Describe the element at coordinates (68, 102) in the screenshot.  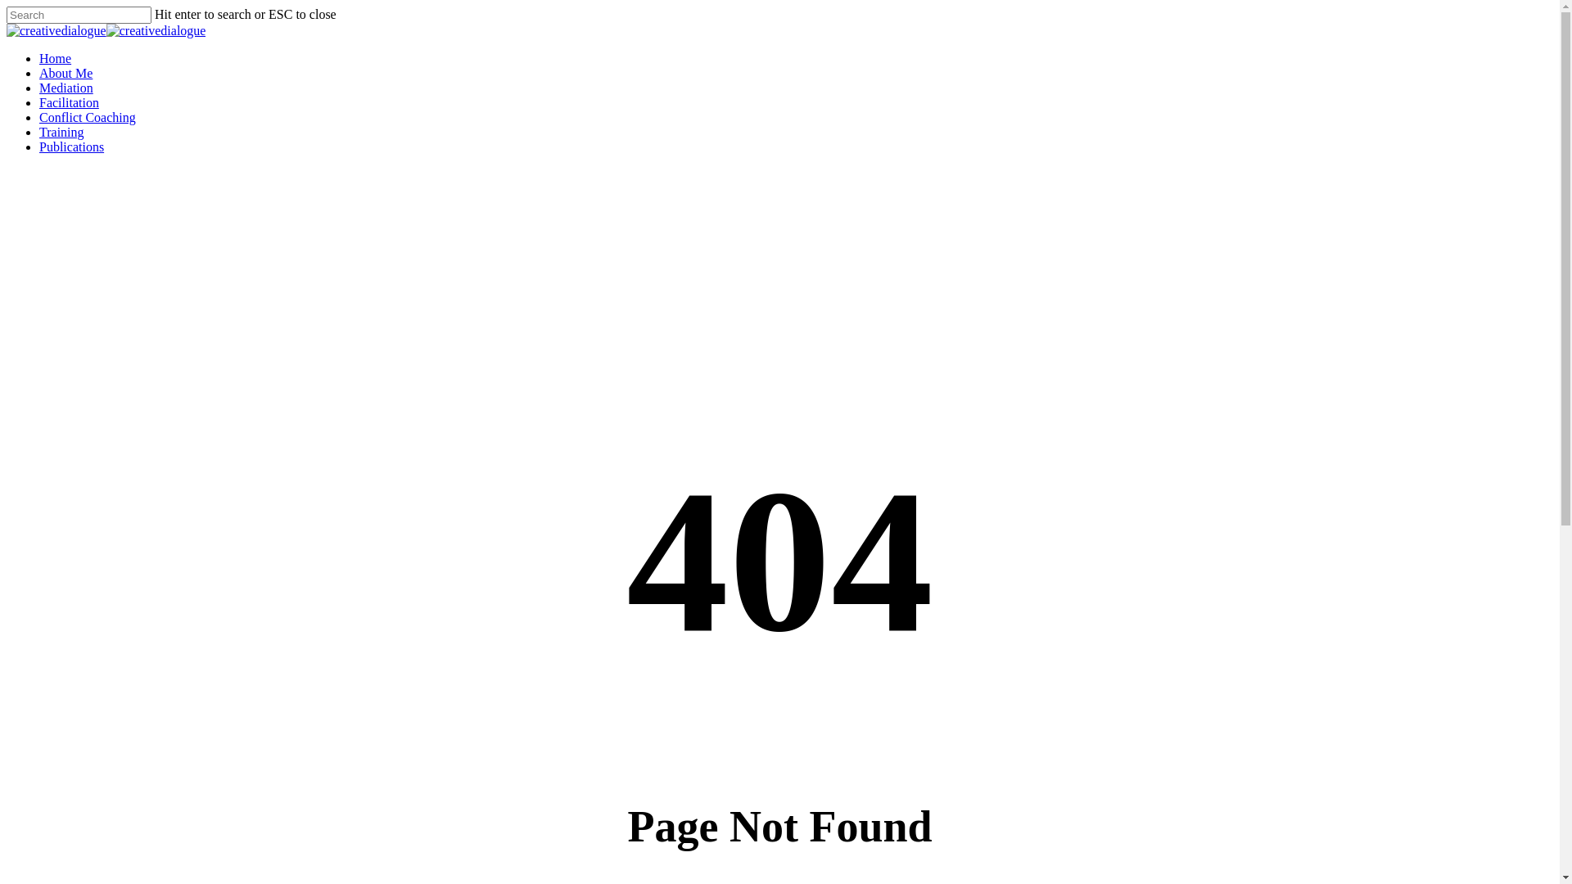
I see `'Facilitation'` at that location.